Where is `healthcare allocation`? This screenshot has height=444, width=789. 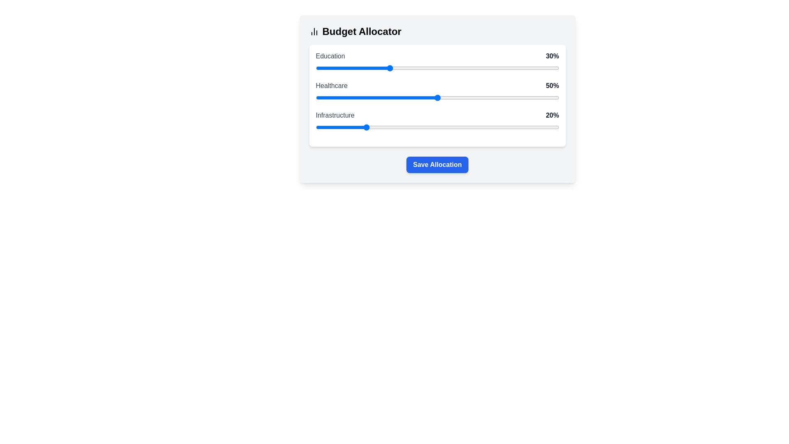
healthcare allocation is located at coordinates (355, 97).